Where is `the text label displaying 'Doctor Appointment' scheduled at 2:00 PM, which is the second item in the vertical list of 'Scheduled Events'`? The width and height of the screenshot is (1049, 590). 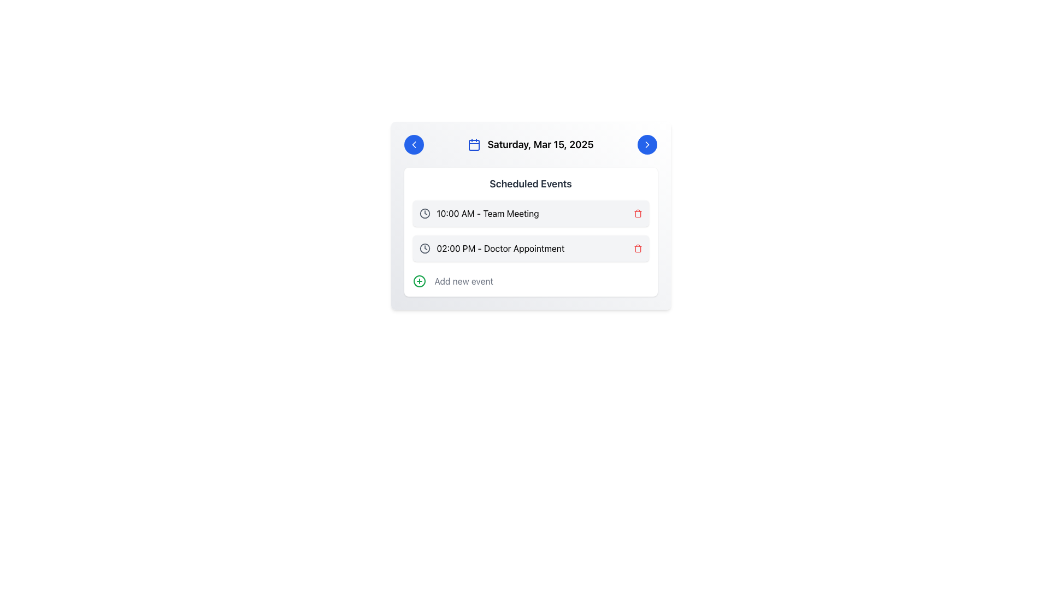
the text label displaying 'Doctor Appointment' scheduled at 2:00 PM, which is the second item in the vertical list of 'Scheduled Events' is located at coordinates (500, 249).